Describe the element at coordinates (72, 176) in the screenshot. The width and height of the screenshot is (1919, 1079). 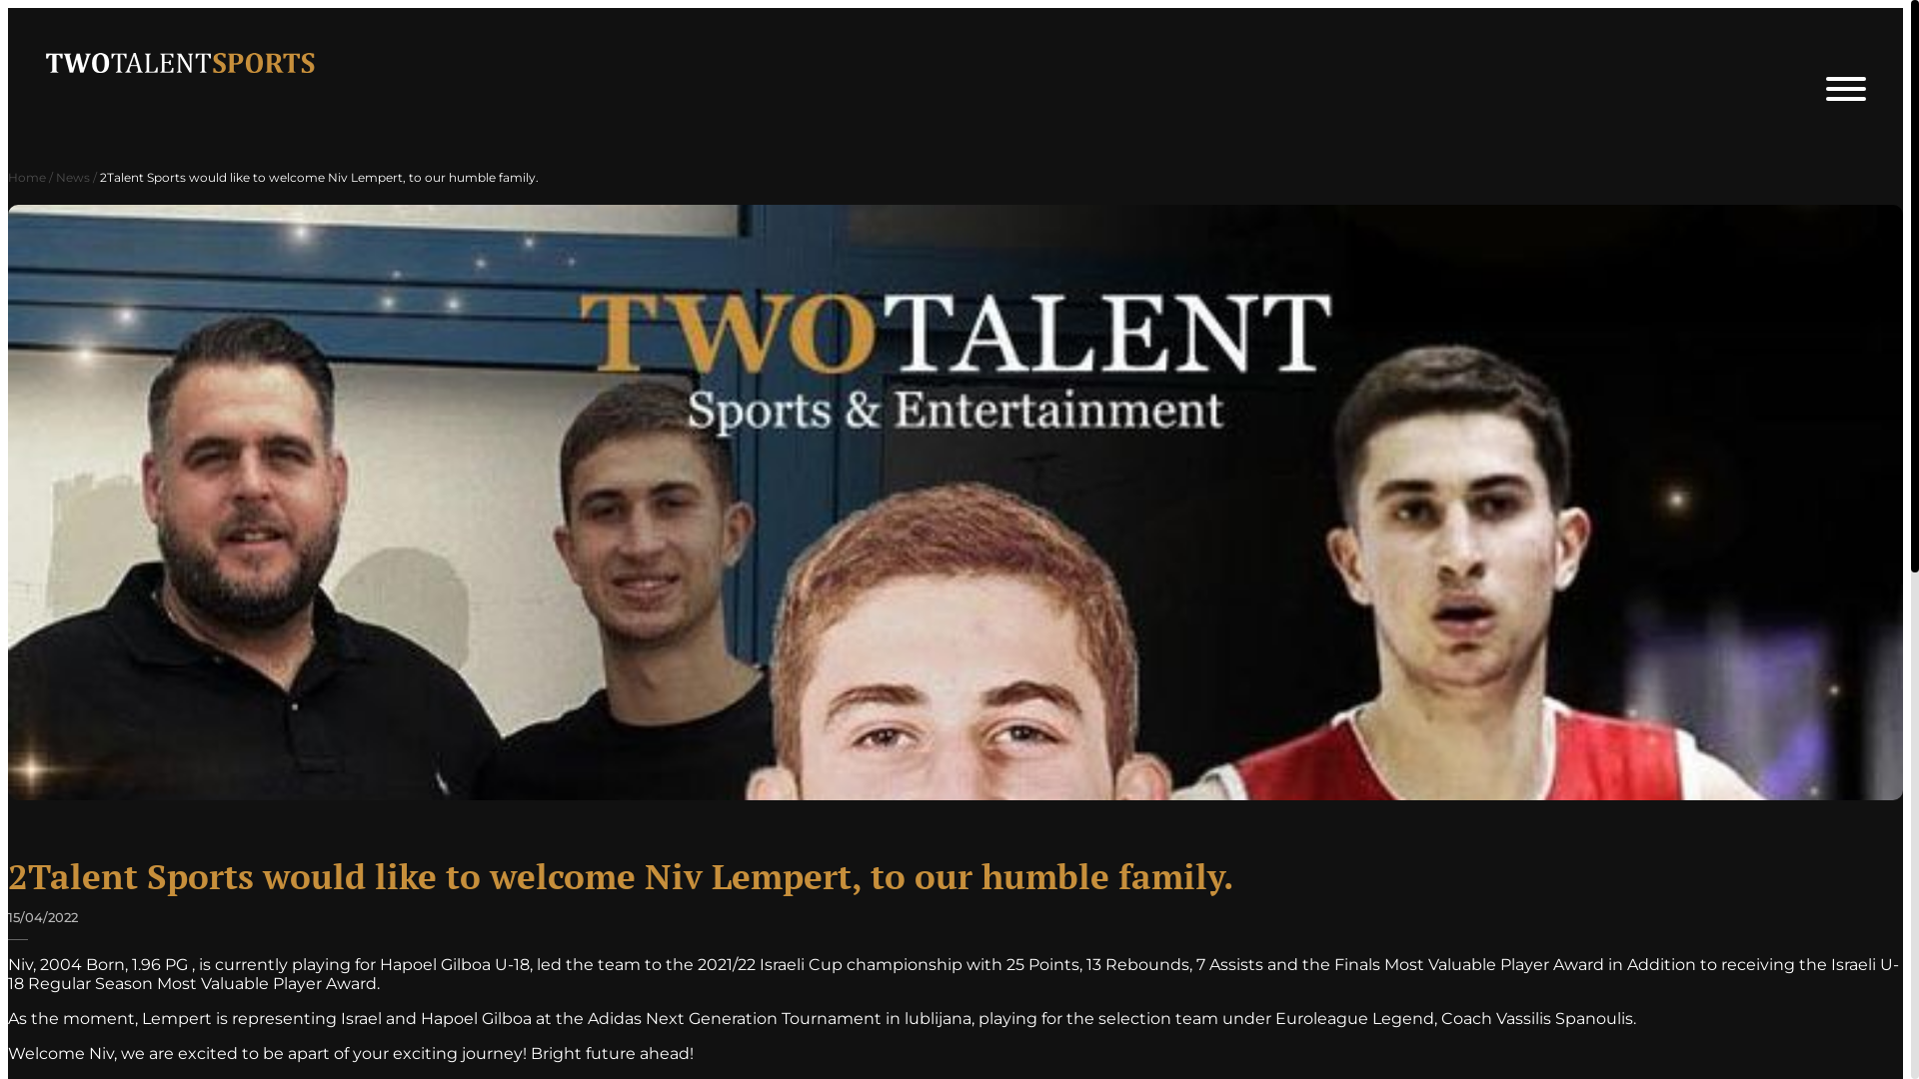
I see `'News'` at that location.